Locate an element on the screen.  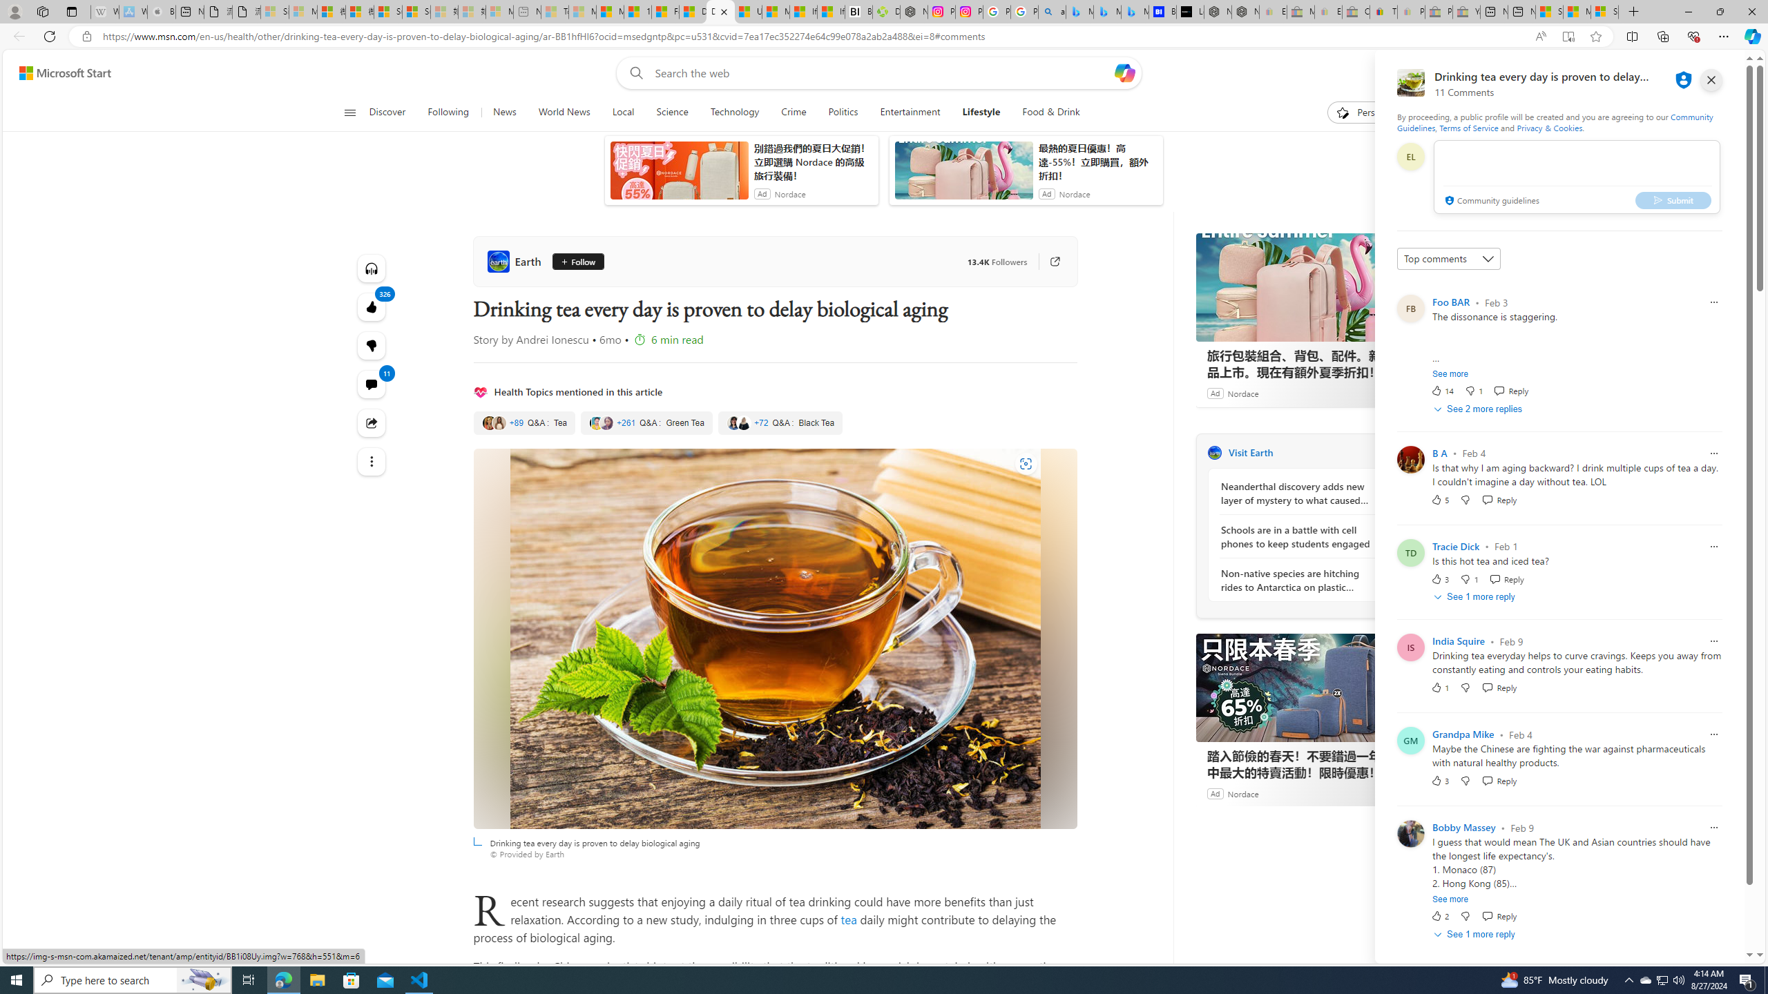
'Profile Picture' is located at coordinates (1410, 833).